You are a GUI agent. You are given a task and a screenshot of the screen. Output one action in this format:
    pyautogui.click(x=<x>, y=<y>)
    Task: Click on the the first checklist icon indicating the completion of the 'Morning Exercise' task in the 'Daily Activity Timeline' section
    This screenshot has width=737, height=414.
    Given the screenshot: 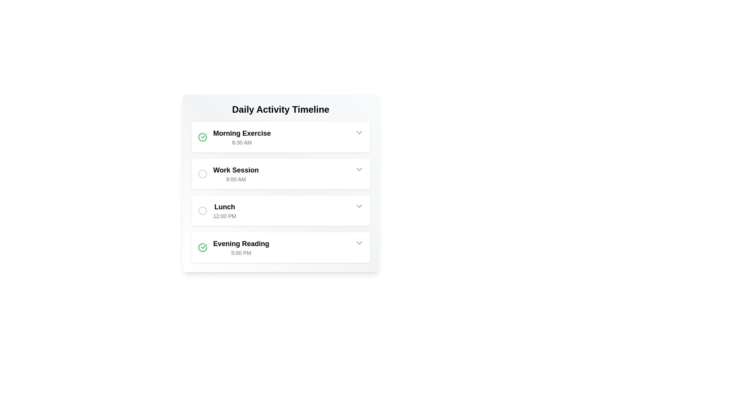 What is the action you would take?
    pyautogui.click(x=202, y=137)
    